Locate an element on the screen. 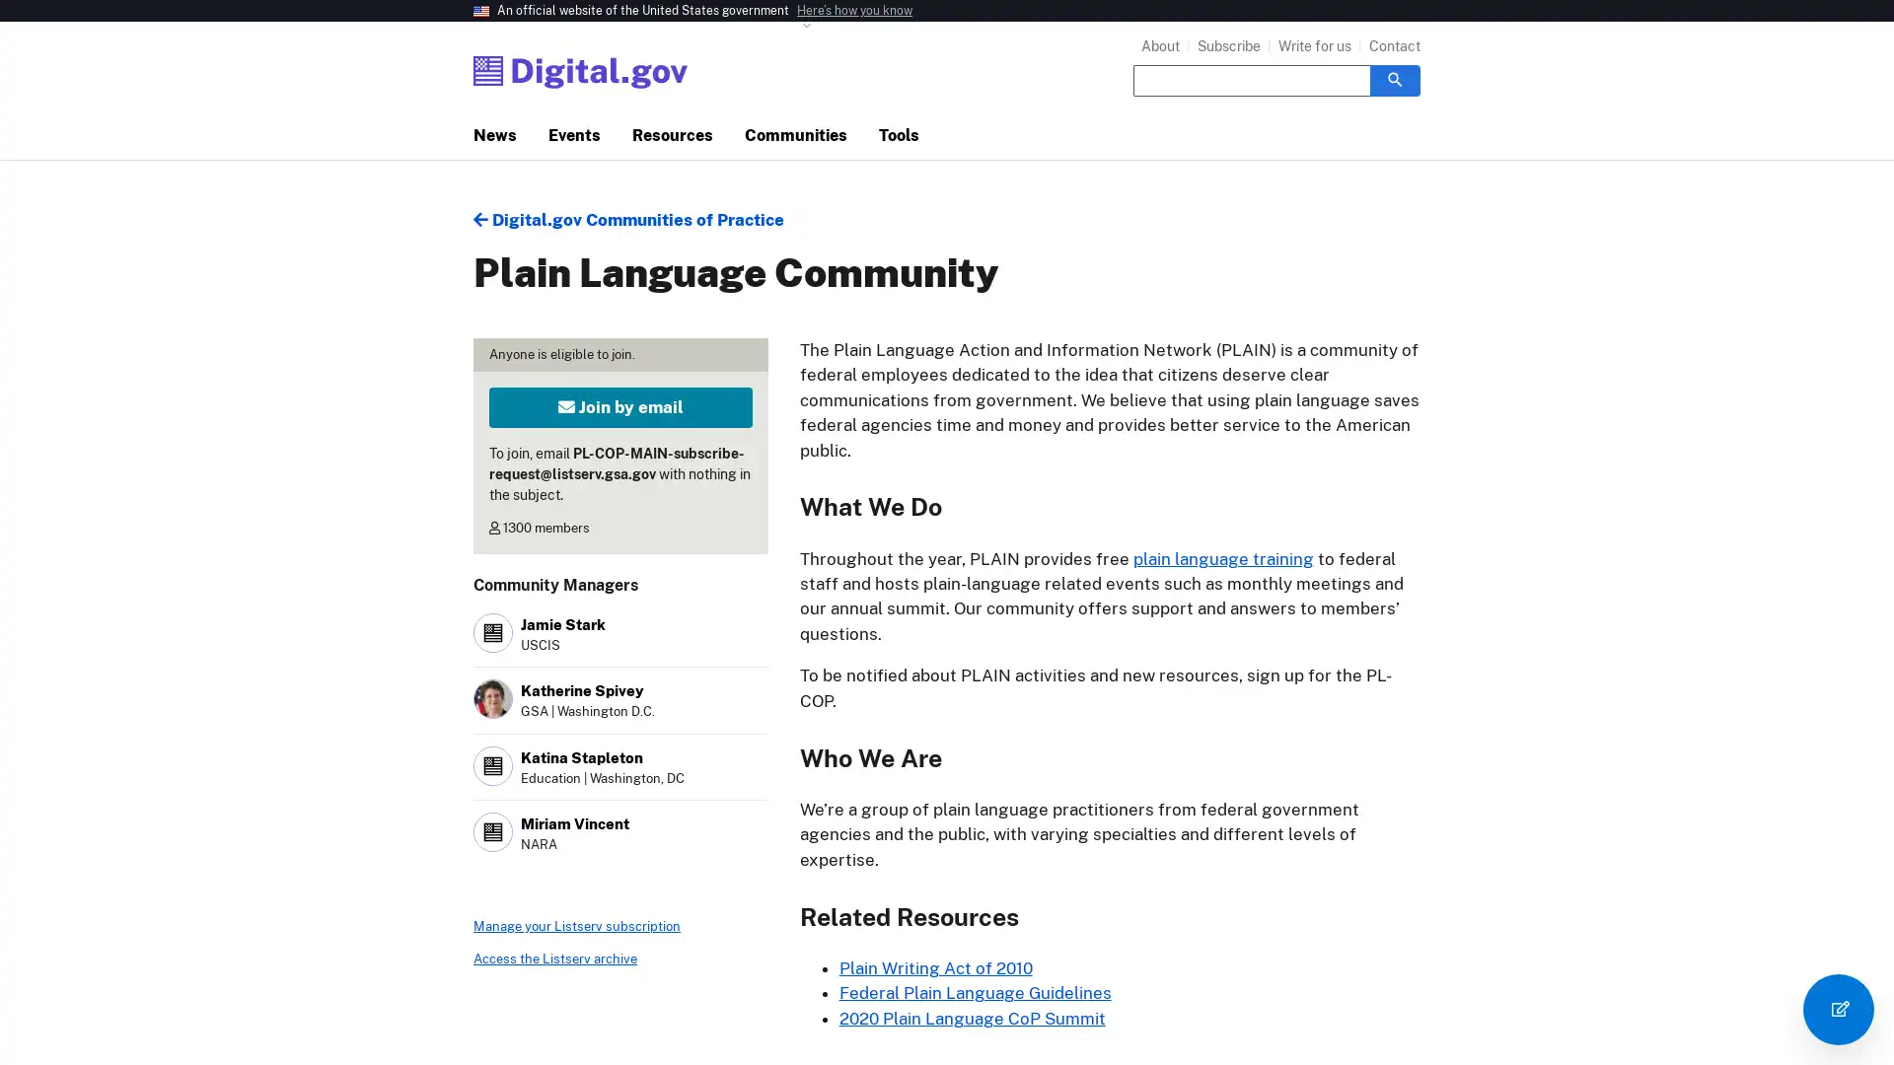  Heres how you know is located at coordinates (854, 11).